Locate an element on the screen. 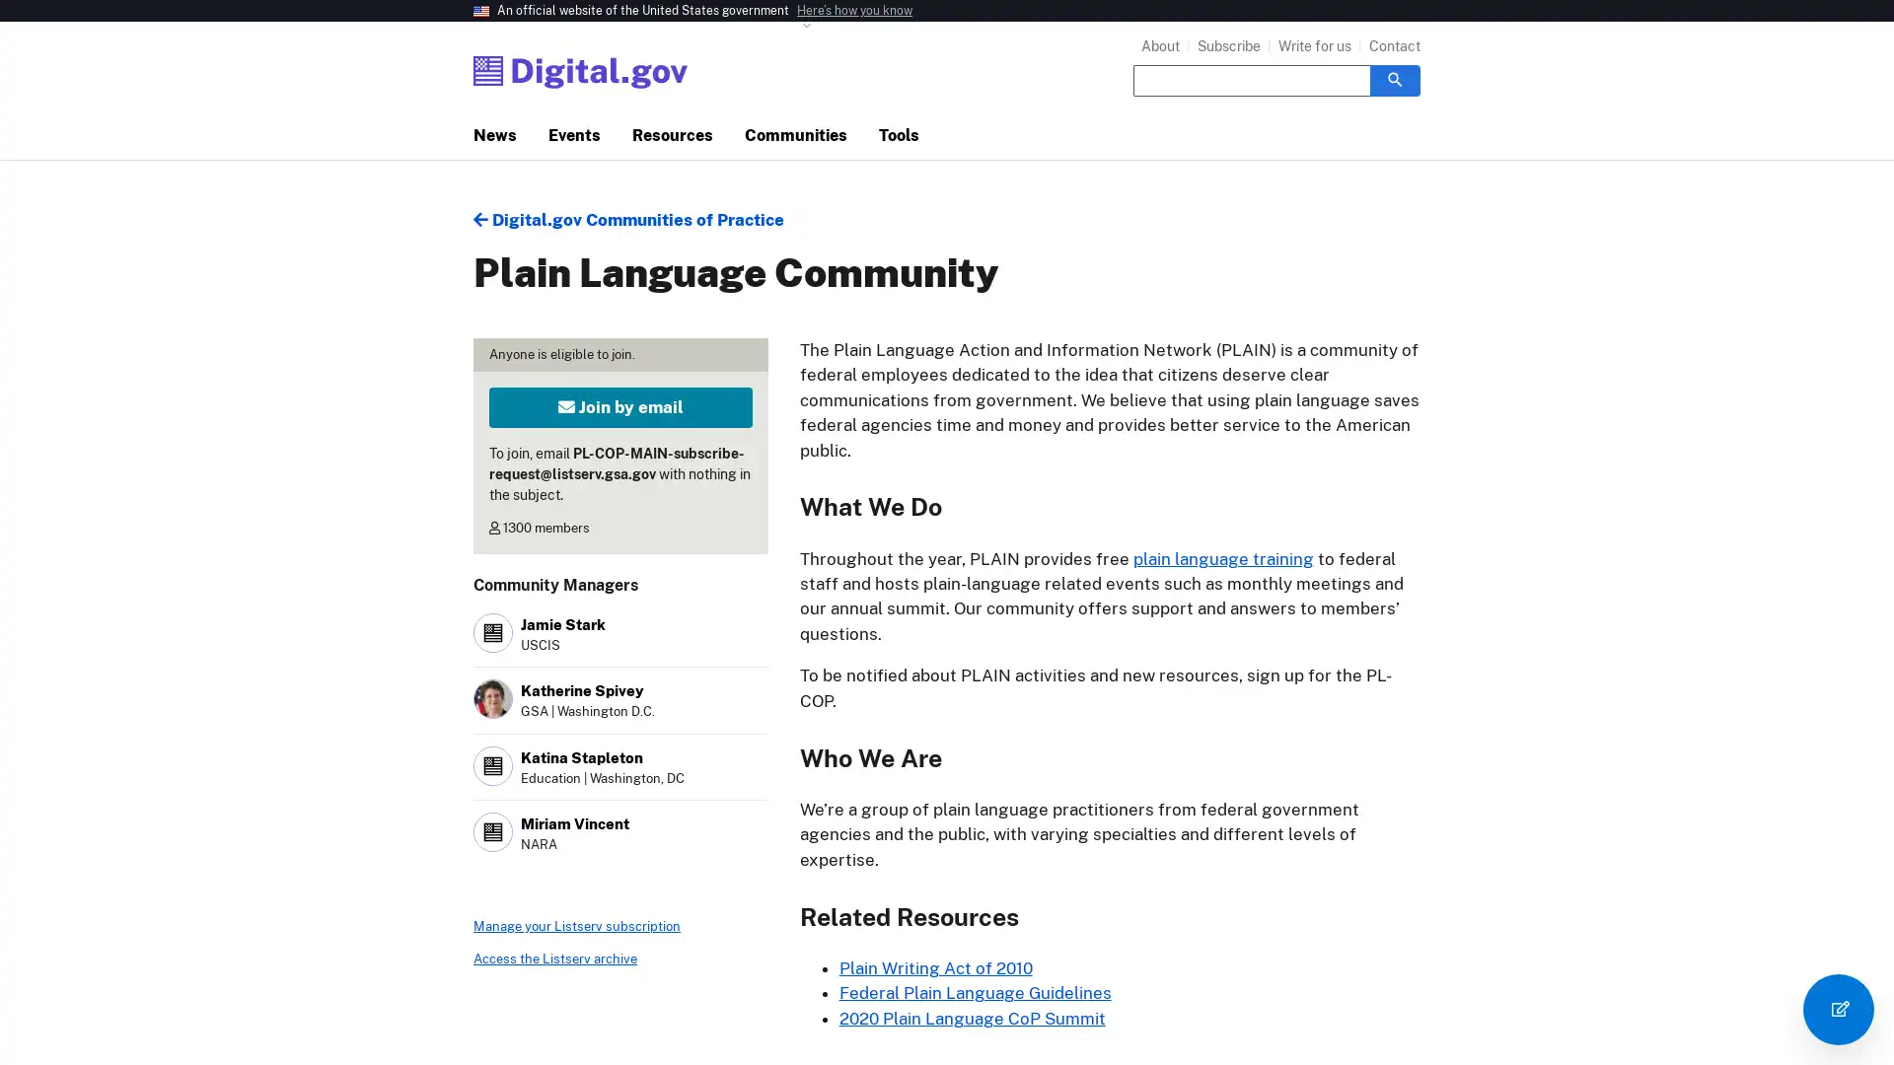  Heres how you know is located at coordinates (854, 11).